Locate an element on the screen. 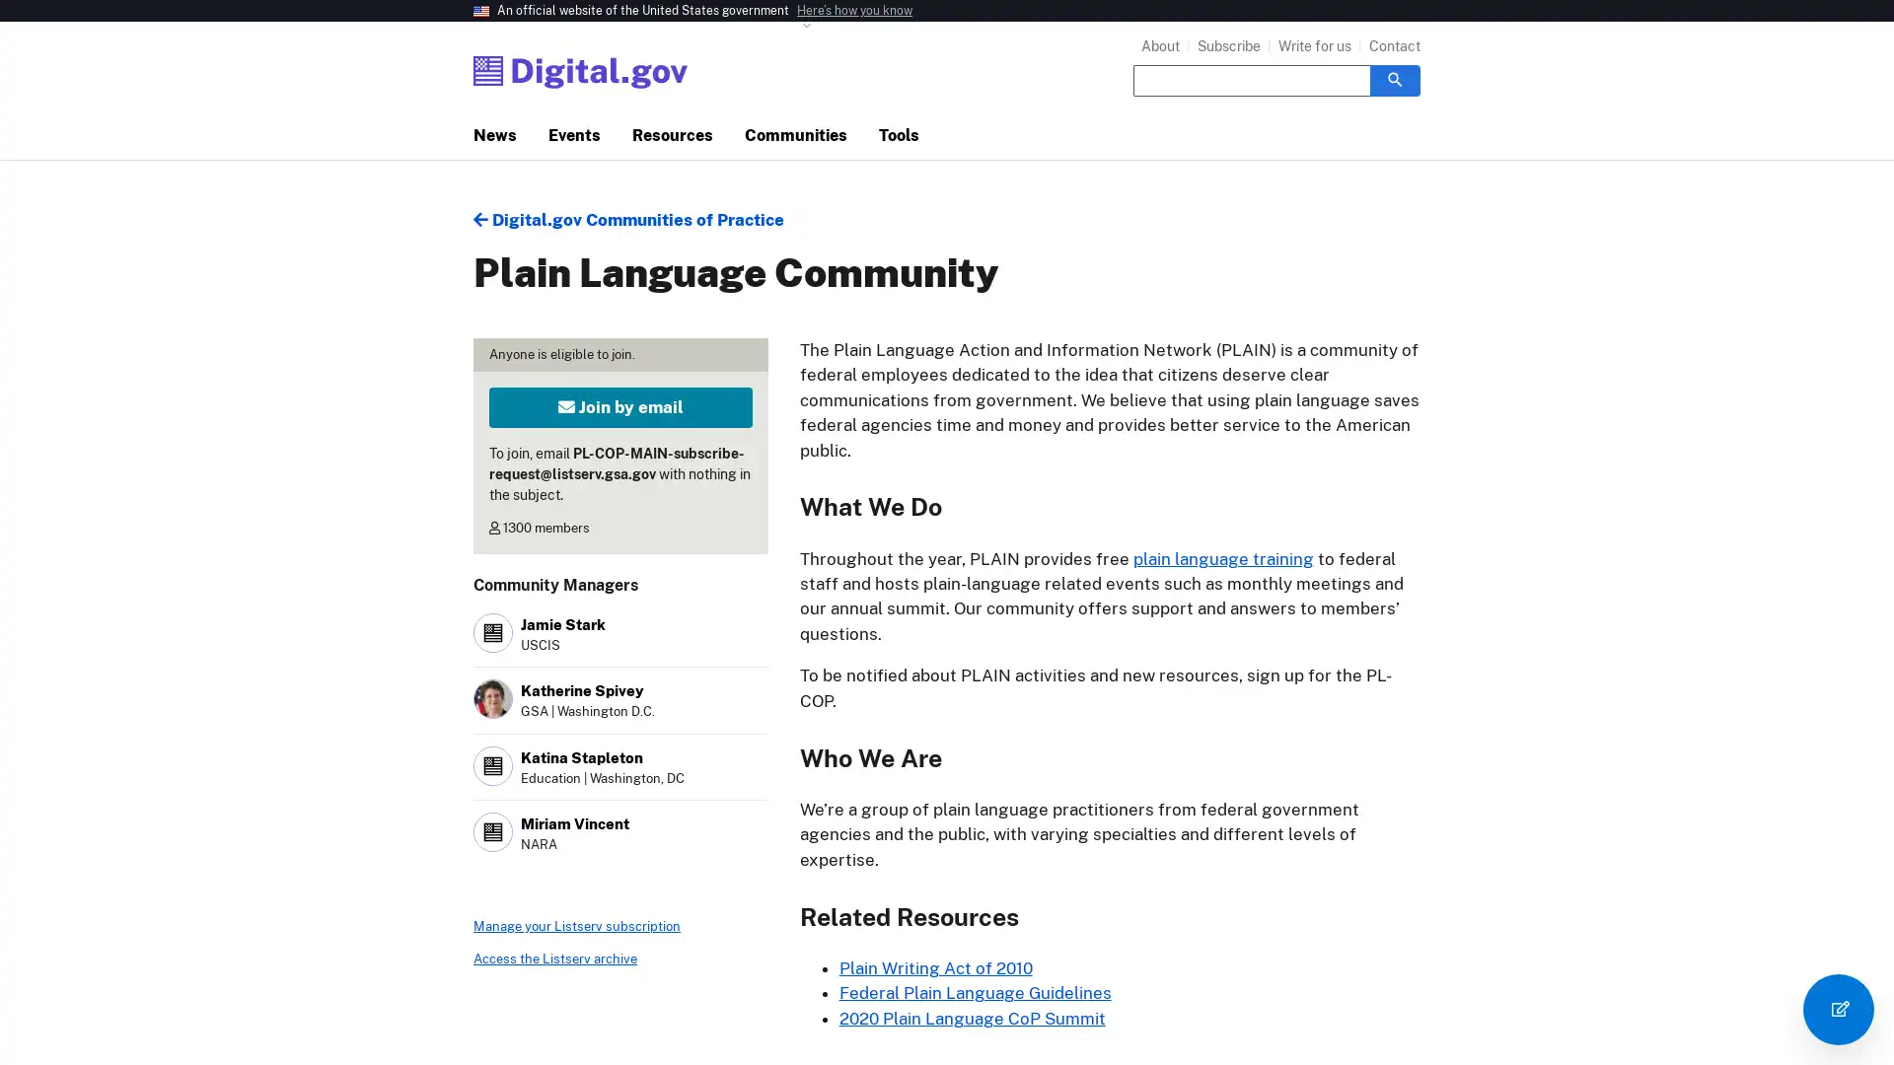  Heres how you know is located at coordinates (854, 11).